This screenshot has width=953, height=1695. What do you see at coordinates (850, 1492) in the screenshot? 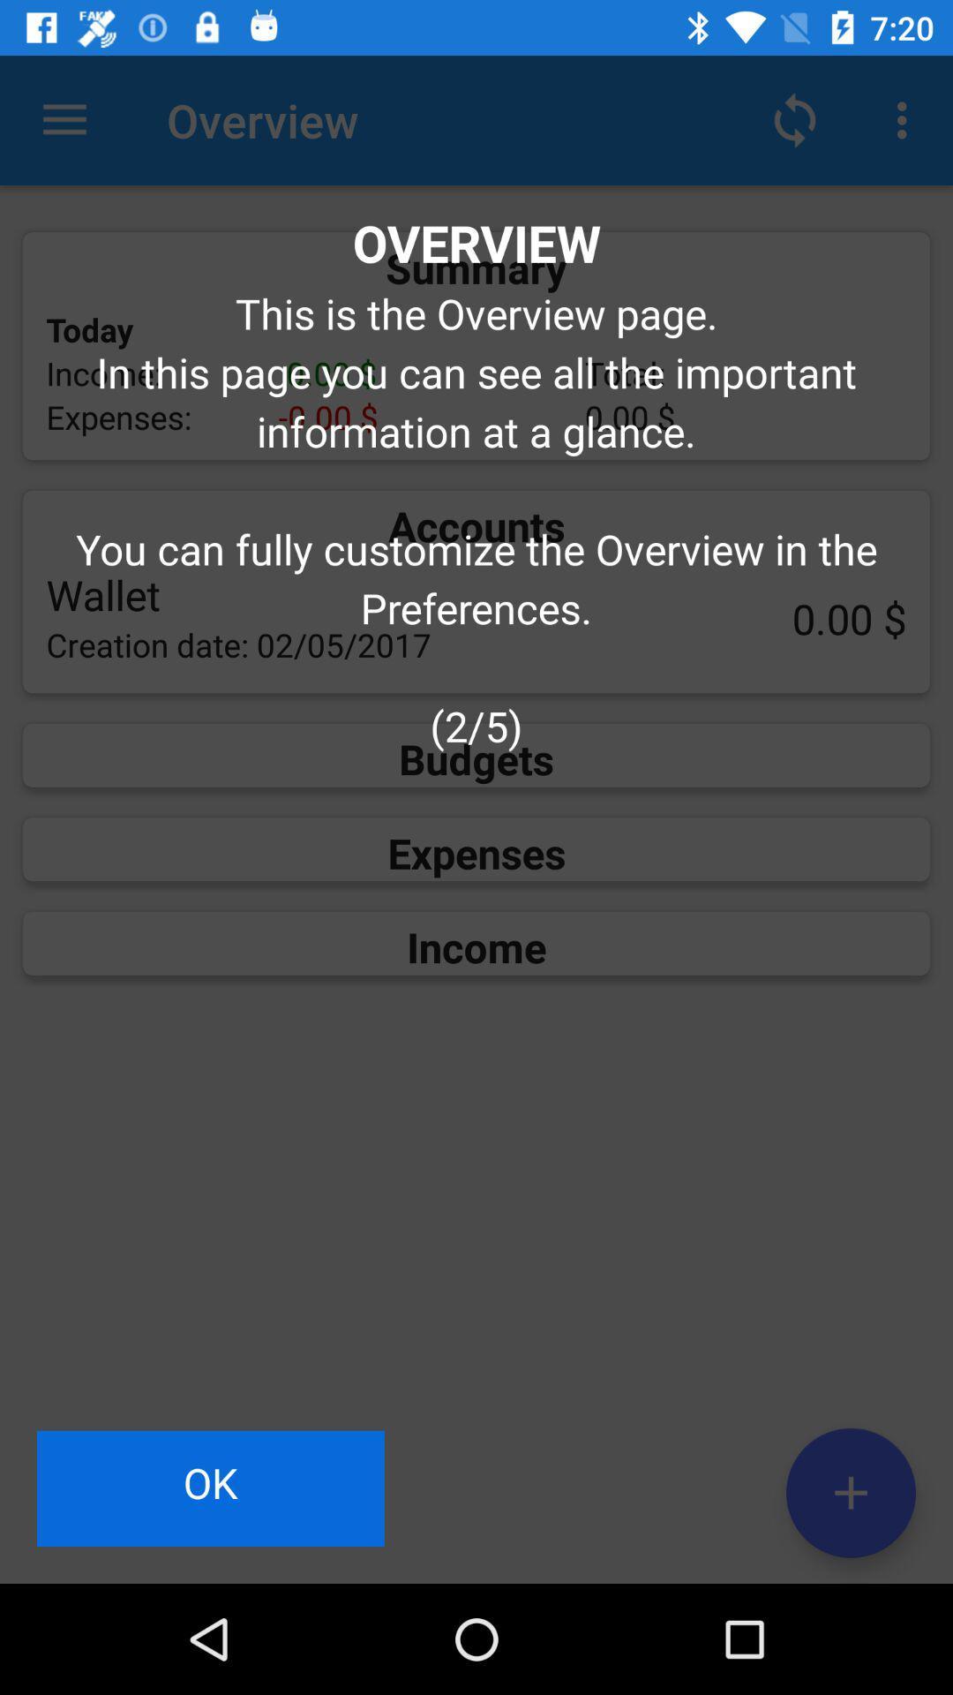
I see `the add icon` at bounding box center [850, 1492].